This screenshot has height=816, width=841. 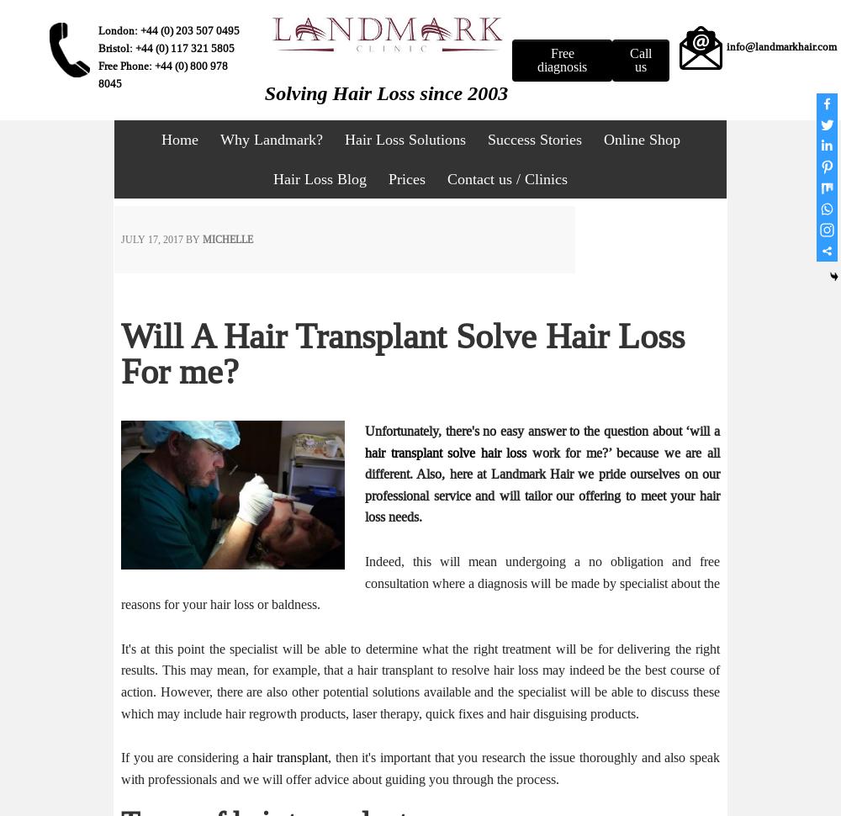 What do you see at coordinates (486, 138) in the screenshot?
I see `'Success Stories'` at bounding box center [486, 138].